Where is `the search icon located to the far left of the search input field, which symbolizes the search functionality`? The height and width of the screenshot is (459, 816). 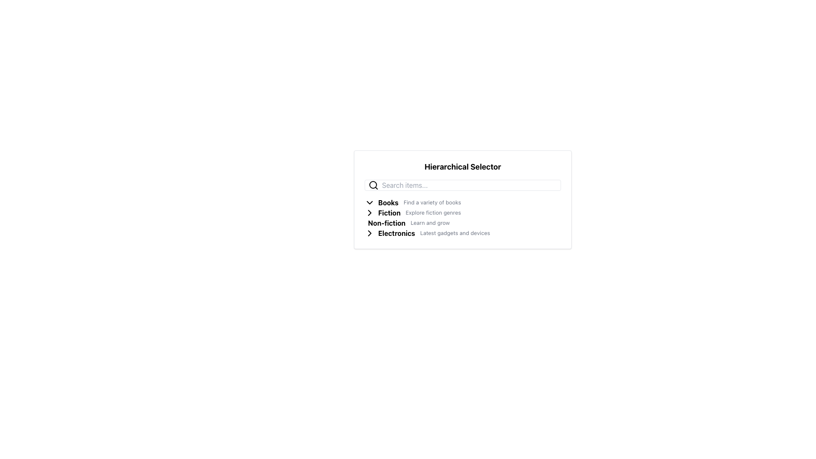 the search icon located to the far left of the search input field, which symbolizes the search functionality is located at coordinates (373, 184).